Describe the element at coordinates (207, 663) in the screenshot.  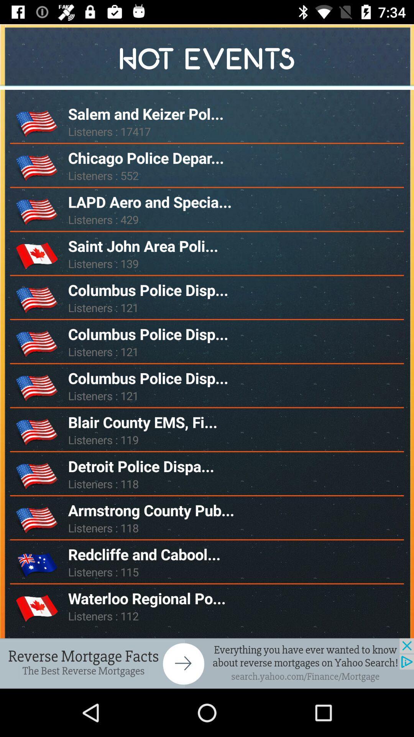
I see `advertisement link` at that location.